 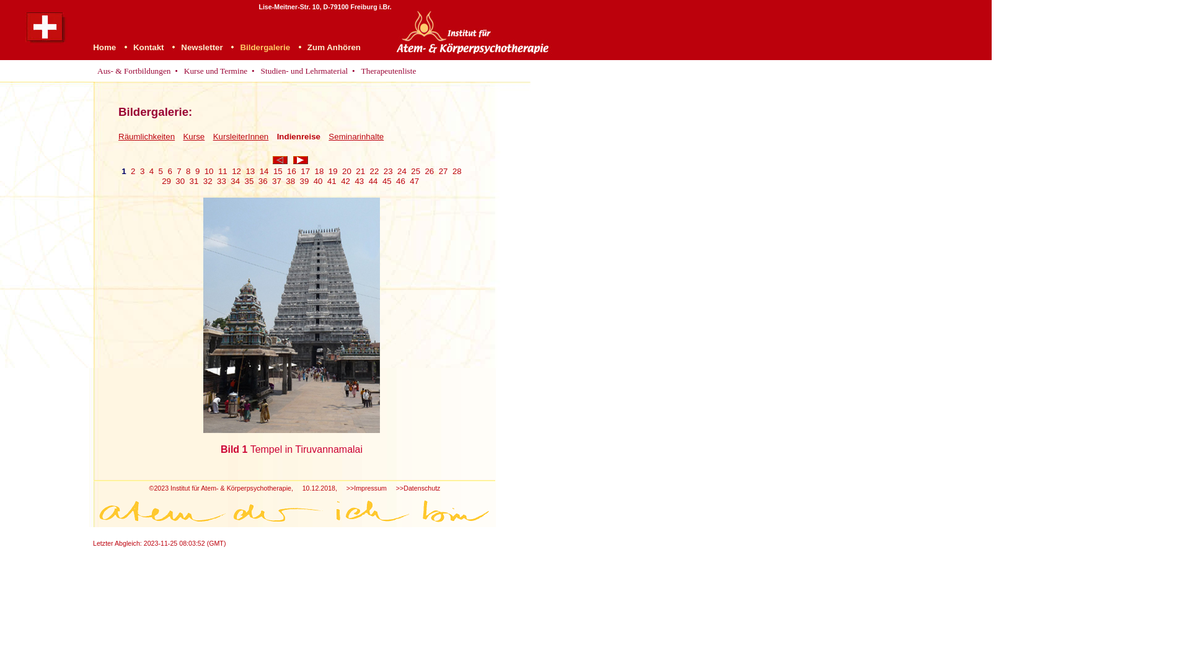 What do you see at coordinates (358, 181) in the screenshot?
I see `'43'` at bounding box center [358, 181].